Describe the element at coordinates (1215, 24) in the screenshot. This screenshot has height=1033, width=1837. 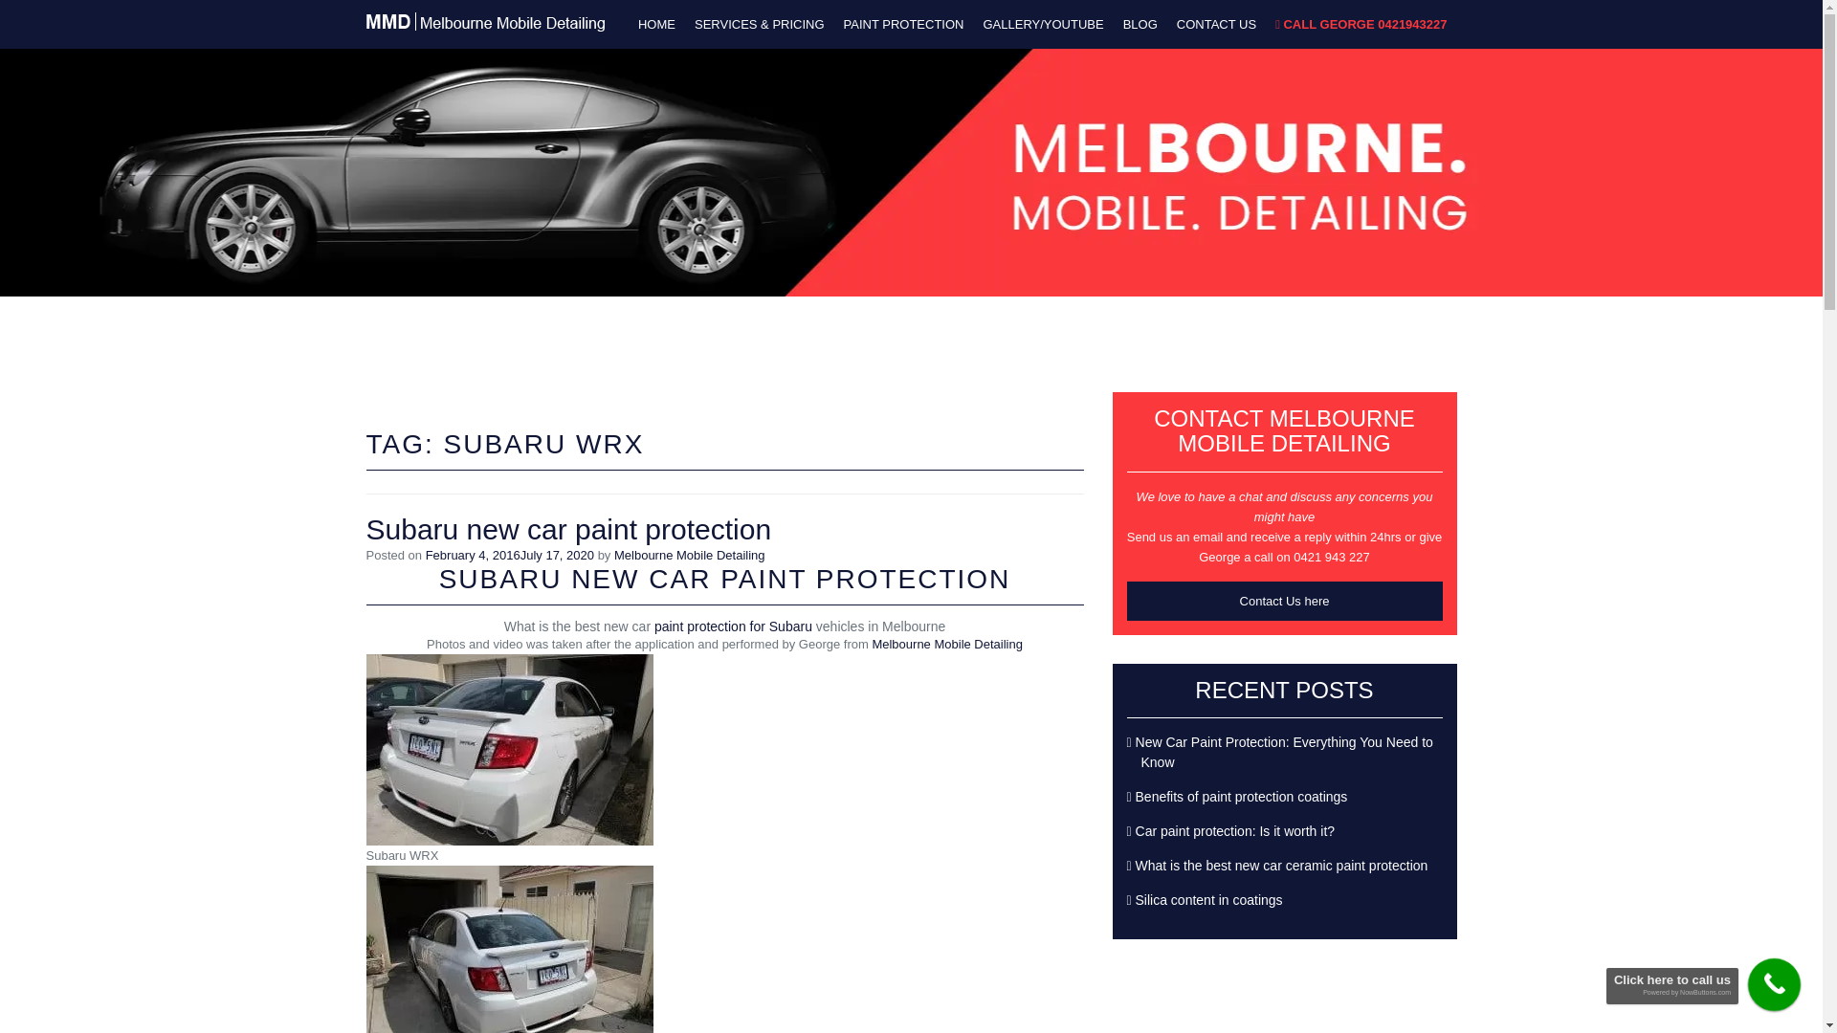
I see `'CONTACT US'` at that location.